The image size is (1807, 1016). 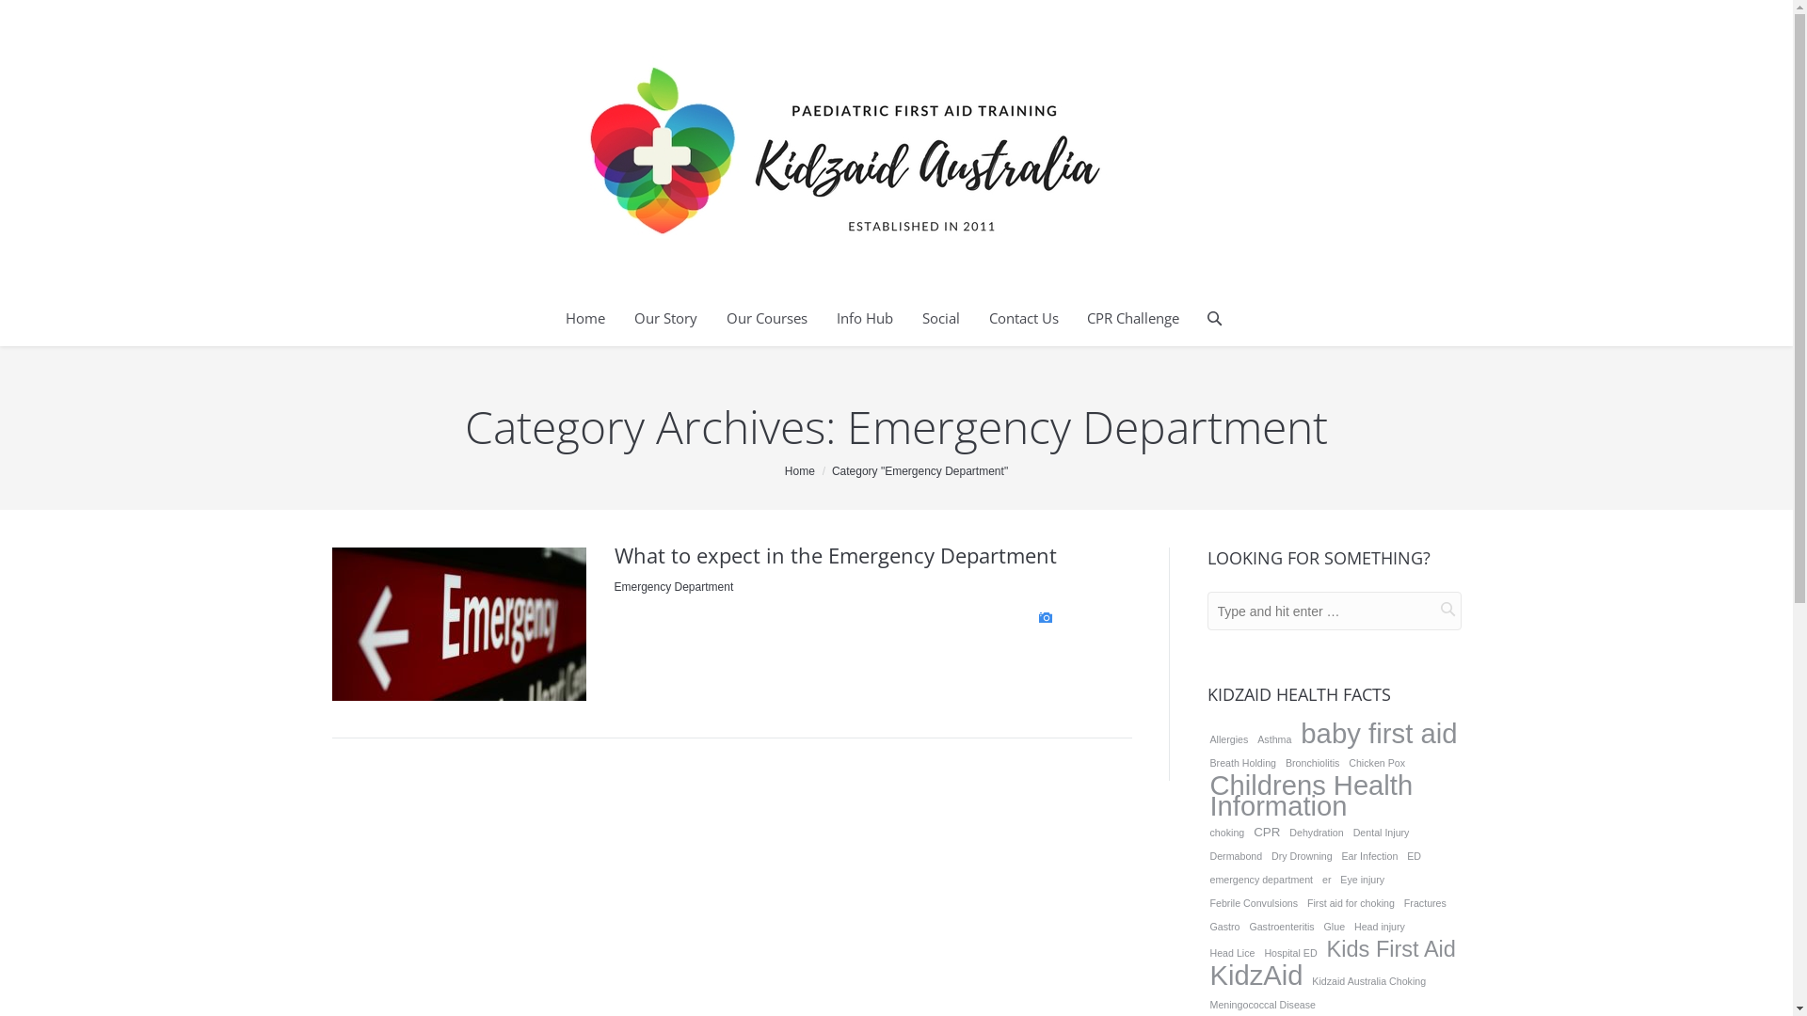 I want to click on 'CPR', so click(x=1251, y=831).